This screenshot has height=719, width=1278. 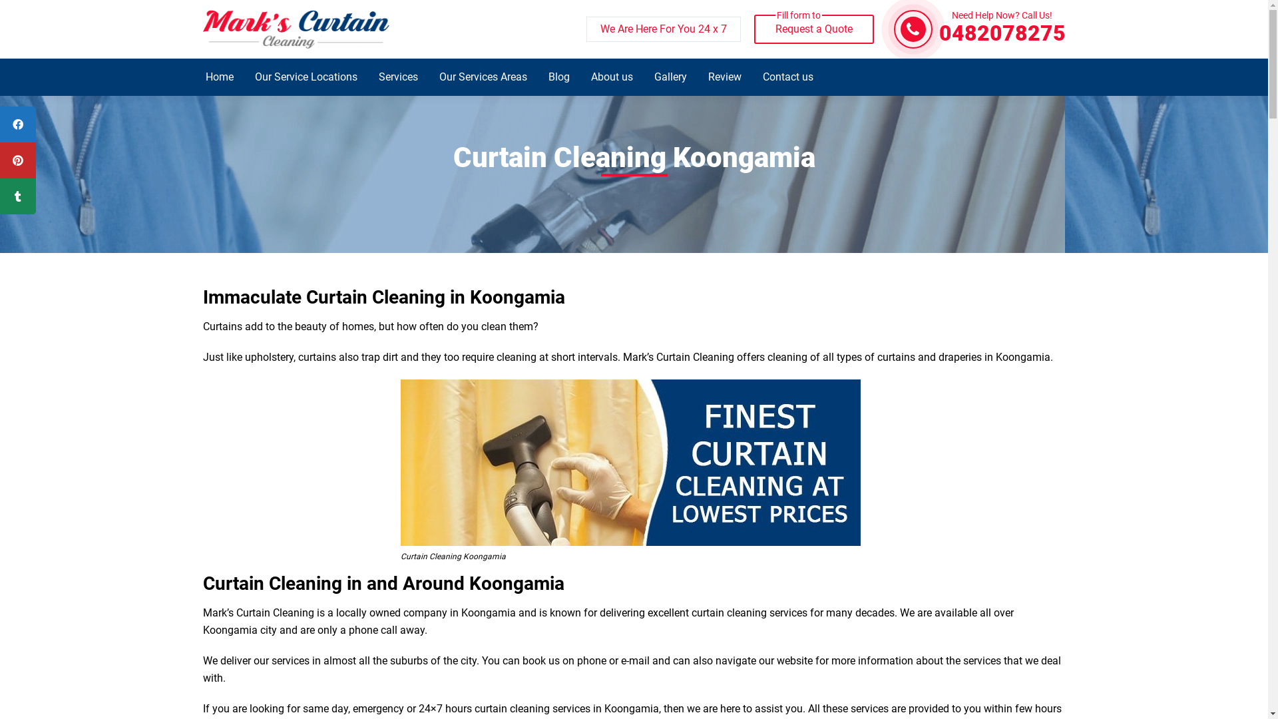 I want to click on 'Contact us', so click(x=787, y=77).